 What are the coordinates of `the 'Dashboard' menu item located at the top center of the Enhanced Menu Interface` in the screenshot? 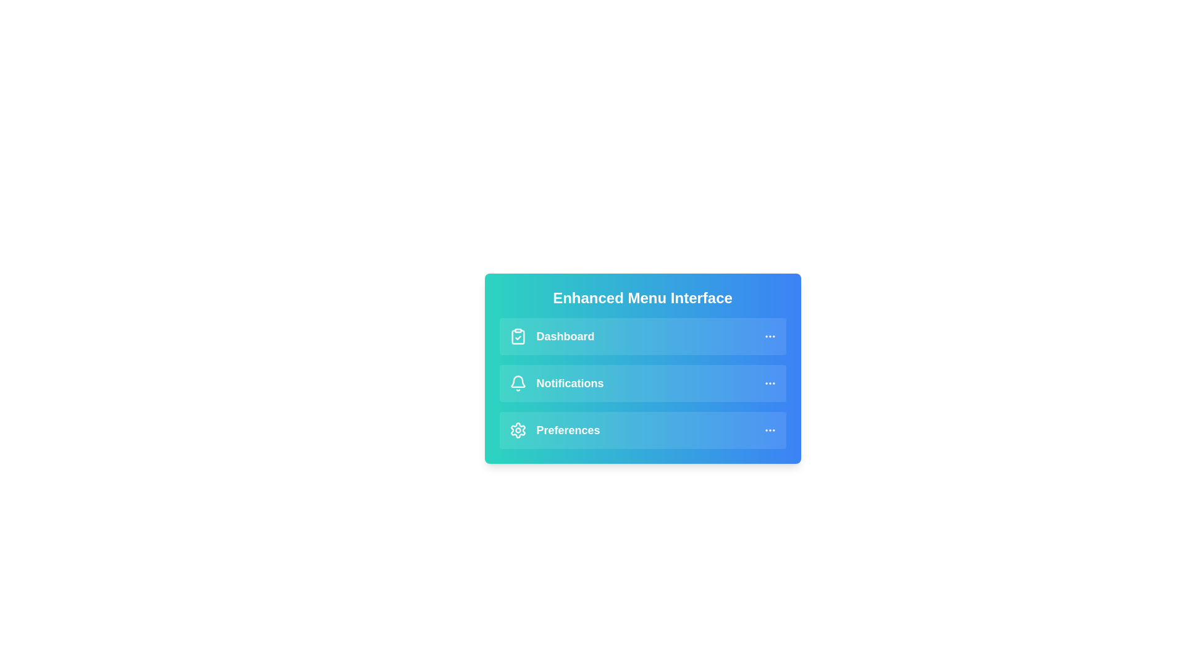 It's located at (642, 336).